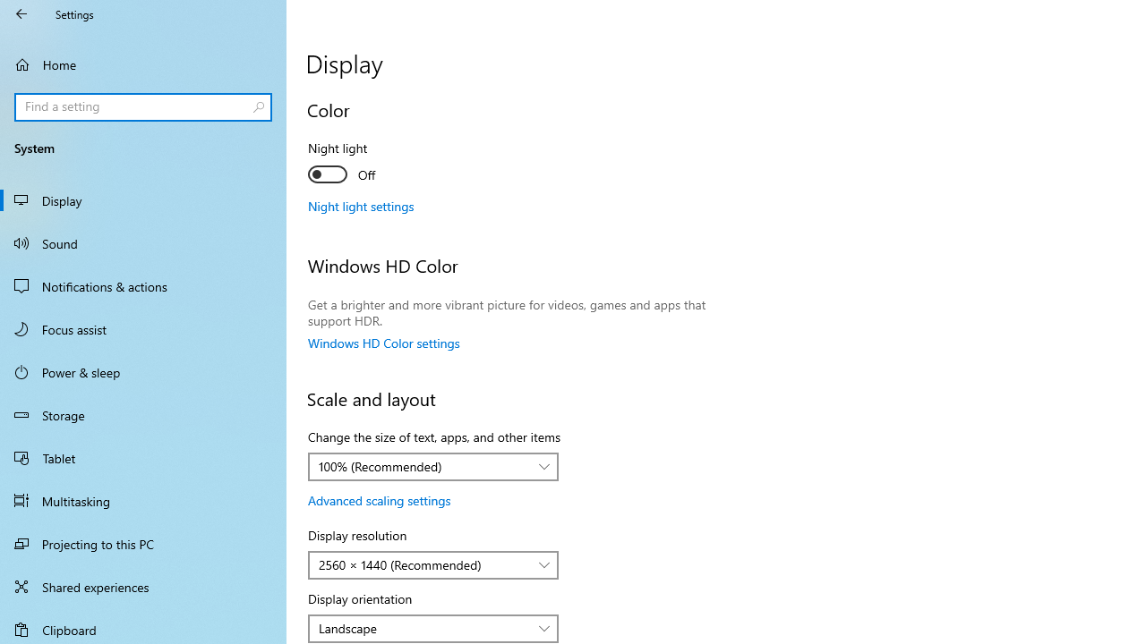  I want to click on '100% (Recommended)', so click(423, 465).